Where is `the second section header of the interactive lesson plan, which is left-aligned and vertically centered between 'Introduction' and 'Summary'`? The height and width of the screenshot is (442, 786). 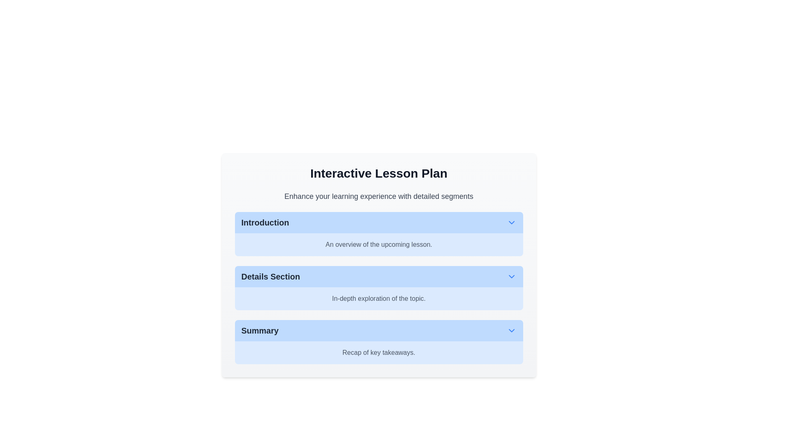 the second section header of the interactive lesson plan, which is left-aligned and vertically centered between 'Introduction' and 'Summary' is located at coordinates (271, 276).